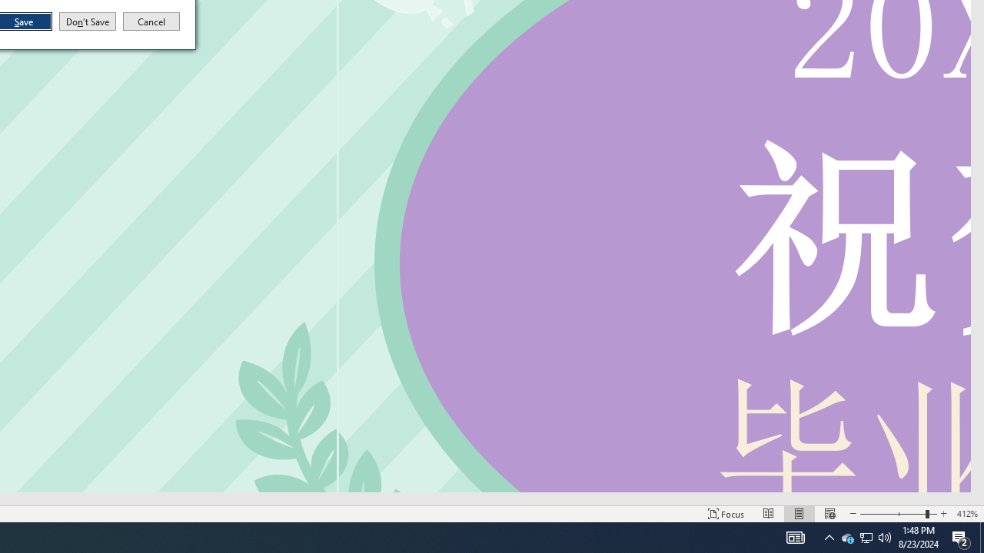 The height and width of the screenshot is (553, 984). What do you see at coordinates (846, 536) in the screenshot?
I see `'User Promoted Notification Area'` at bounding box center [846, 536].